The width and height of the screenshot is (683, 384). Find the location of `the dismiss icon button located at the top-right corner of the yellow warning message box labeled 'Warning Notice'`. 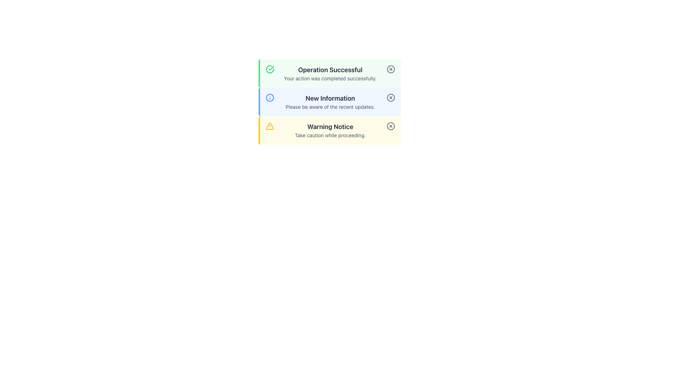

the dismiss icon button located at the top-right corner of the yellow warning message box labeled 'Warning Notice' is located at coordinates (390, 126).